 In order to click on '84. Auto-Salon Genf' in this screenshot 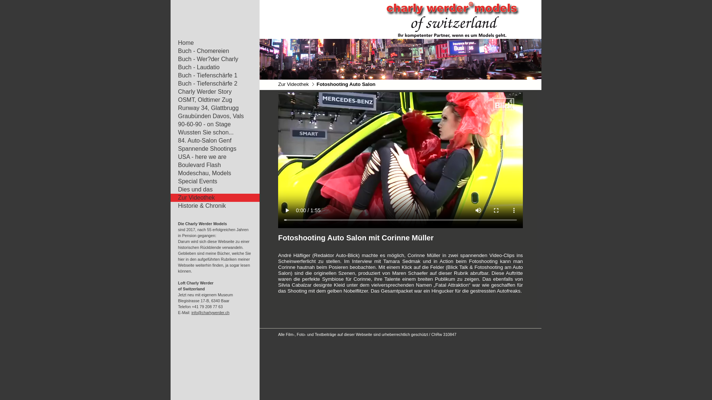, I will do `click(211, 141)`.